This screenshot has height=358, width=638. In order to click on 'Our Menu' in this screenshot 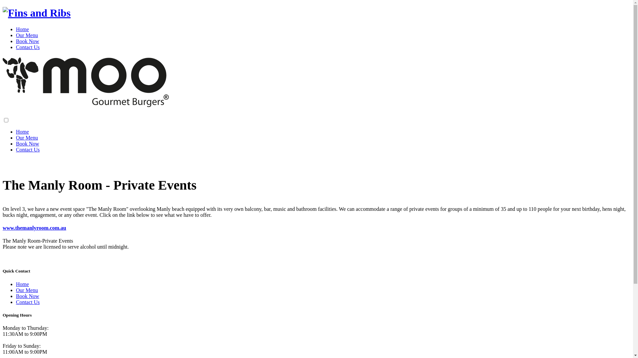, I will do `click(27, 290)`.